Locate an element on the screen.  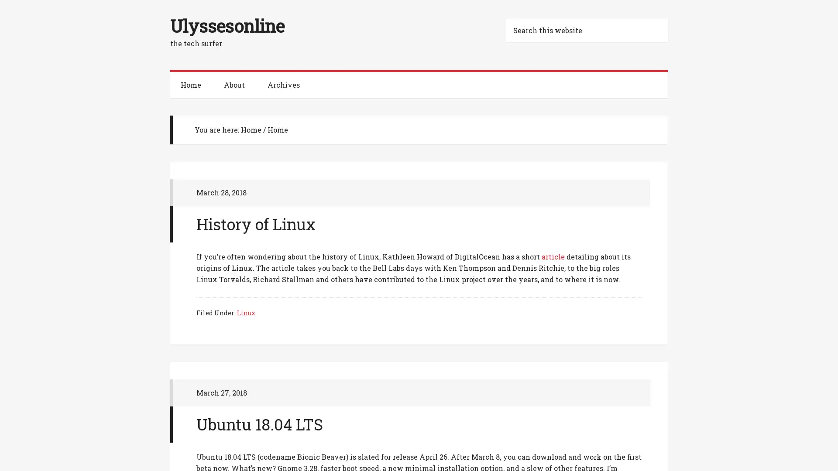
Search is located at coordinates (667, 18).